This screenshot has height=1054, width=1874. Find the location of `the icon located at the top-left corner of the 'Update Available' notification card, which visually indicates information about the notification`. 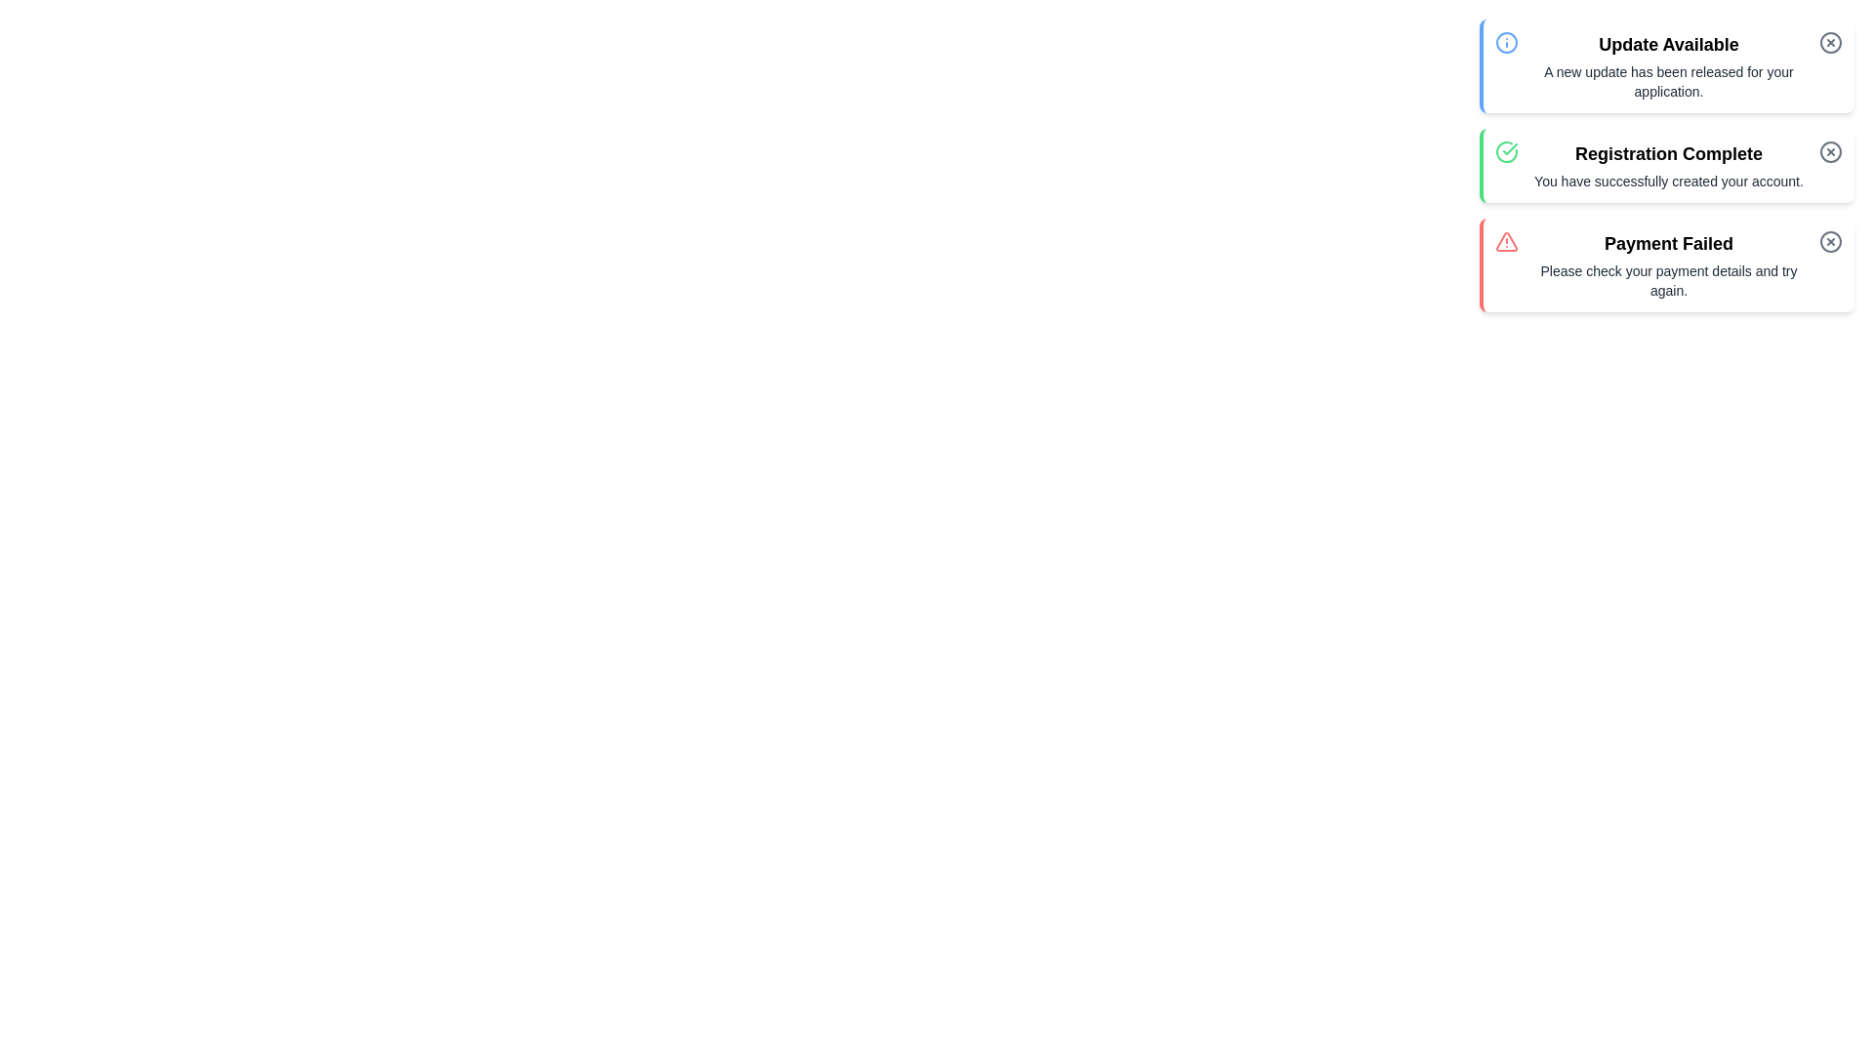

the icon located at the top-left corner of the 'Update Available' notification card, which visually indicates information about the notification is located at coordinates (1506, 42).